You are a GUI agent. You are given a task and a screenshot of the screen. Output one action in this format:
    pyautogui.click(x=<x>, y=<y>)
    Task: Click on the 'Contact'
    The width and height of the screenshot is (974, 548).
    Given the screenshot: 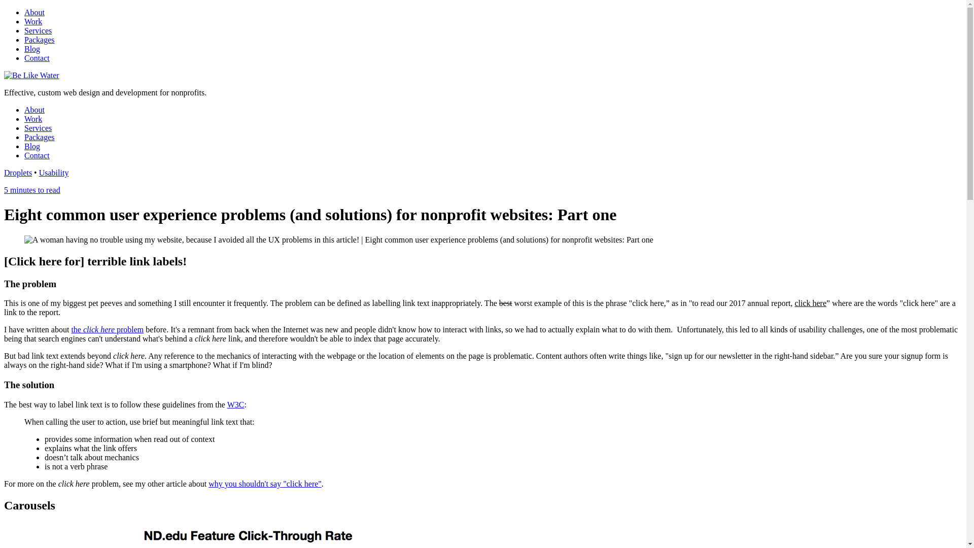 What is the action you would take?
    pyautogui.click(x=37, y=58)
    